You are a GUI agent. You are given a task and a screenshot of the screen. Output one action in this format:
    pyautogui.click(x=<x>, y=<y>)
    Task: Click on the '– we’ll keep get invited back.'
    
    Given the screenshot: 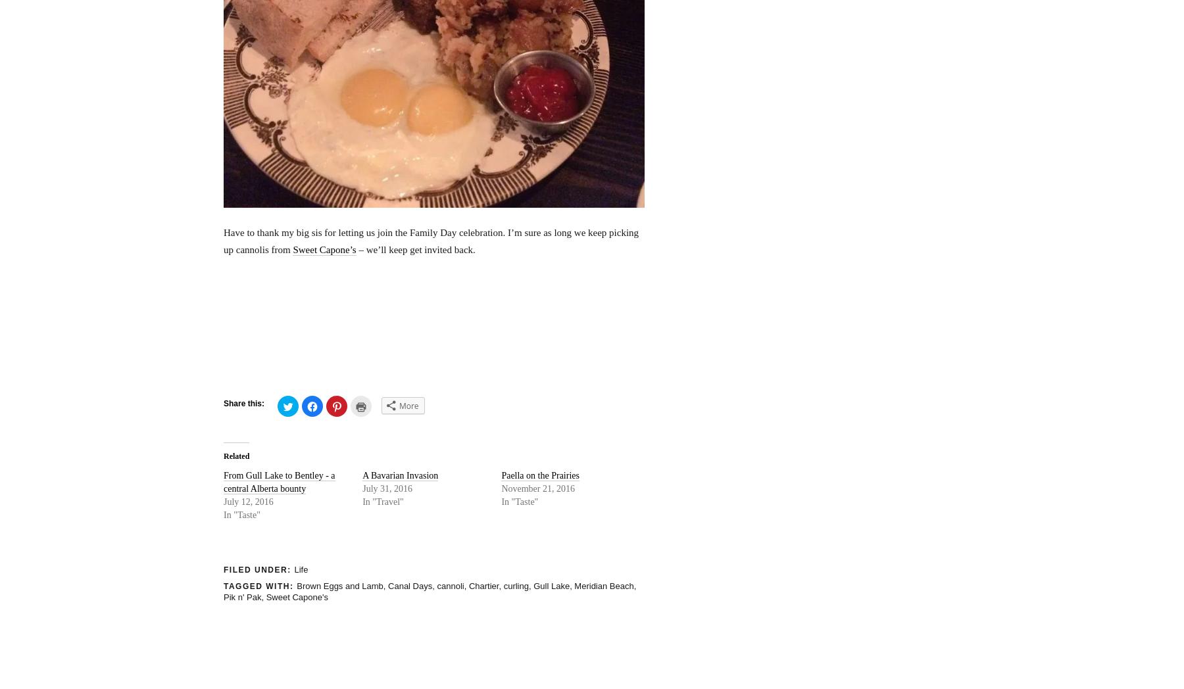 What is the action you would take?
    pyautogui.click(x=415, y=248)
    